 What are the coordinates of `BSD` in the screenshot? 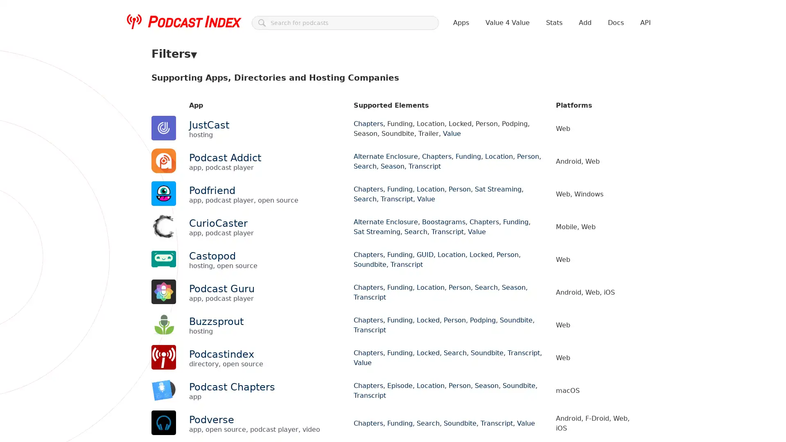 It's located at (274, 168).